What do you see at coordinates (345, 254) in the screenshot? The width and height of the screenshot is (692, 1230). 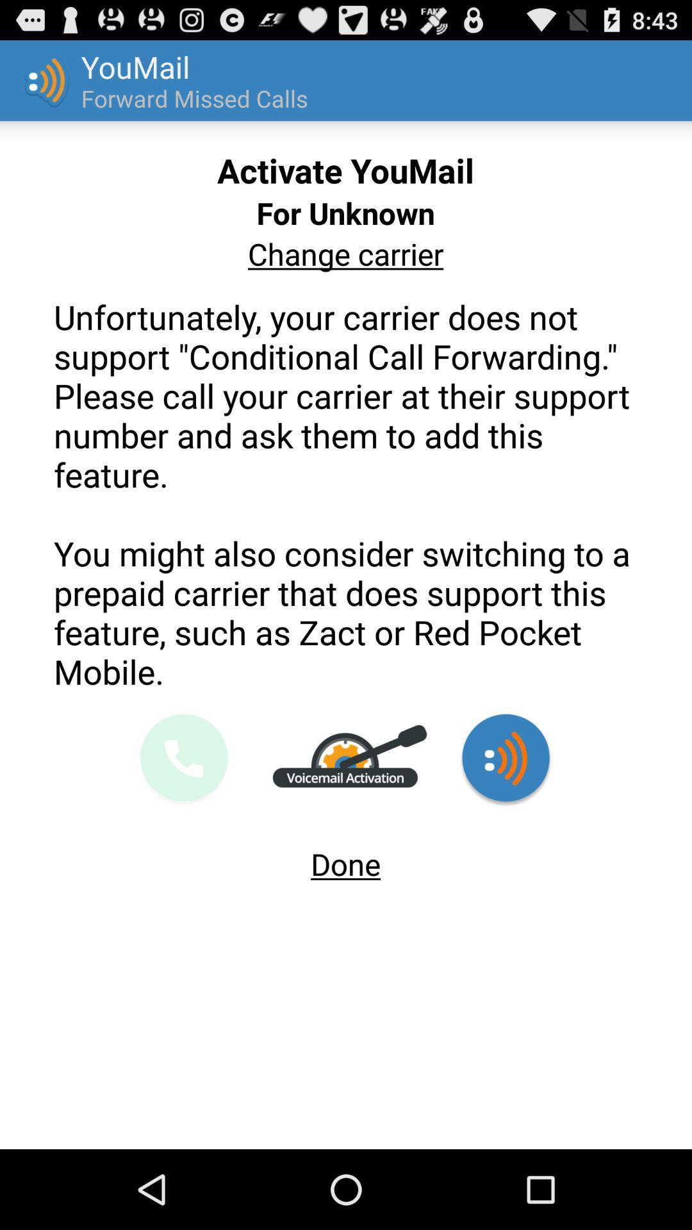 I see `the change carrier app` at bounding box center [345, 254].